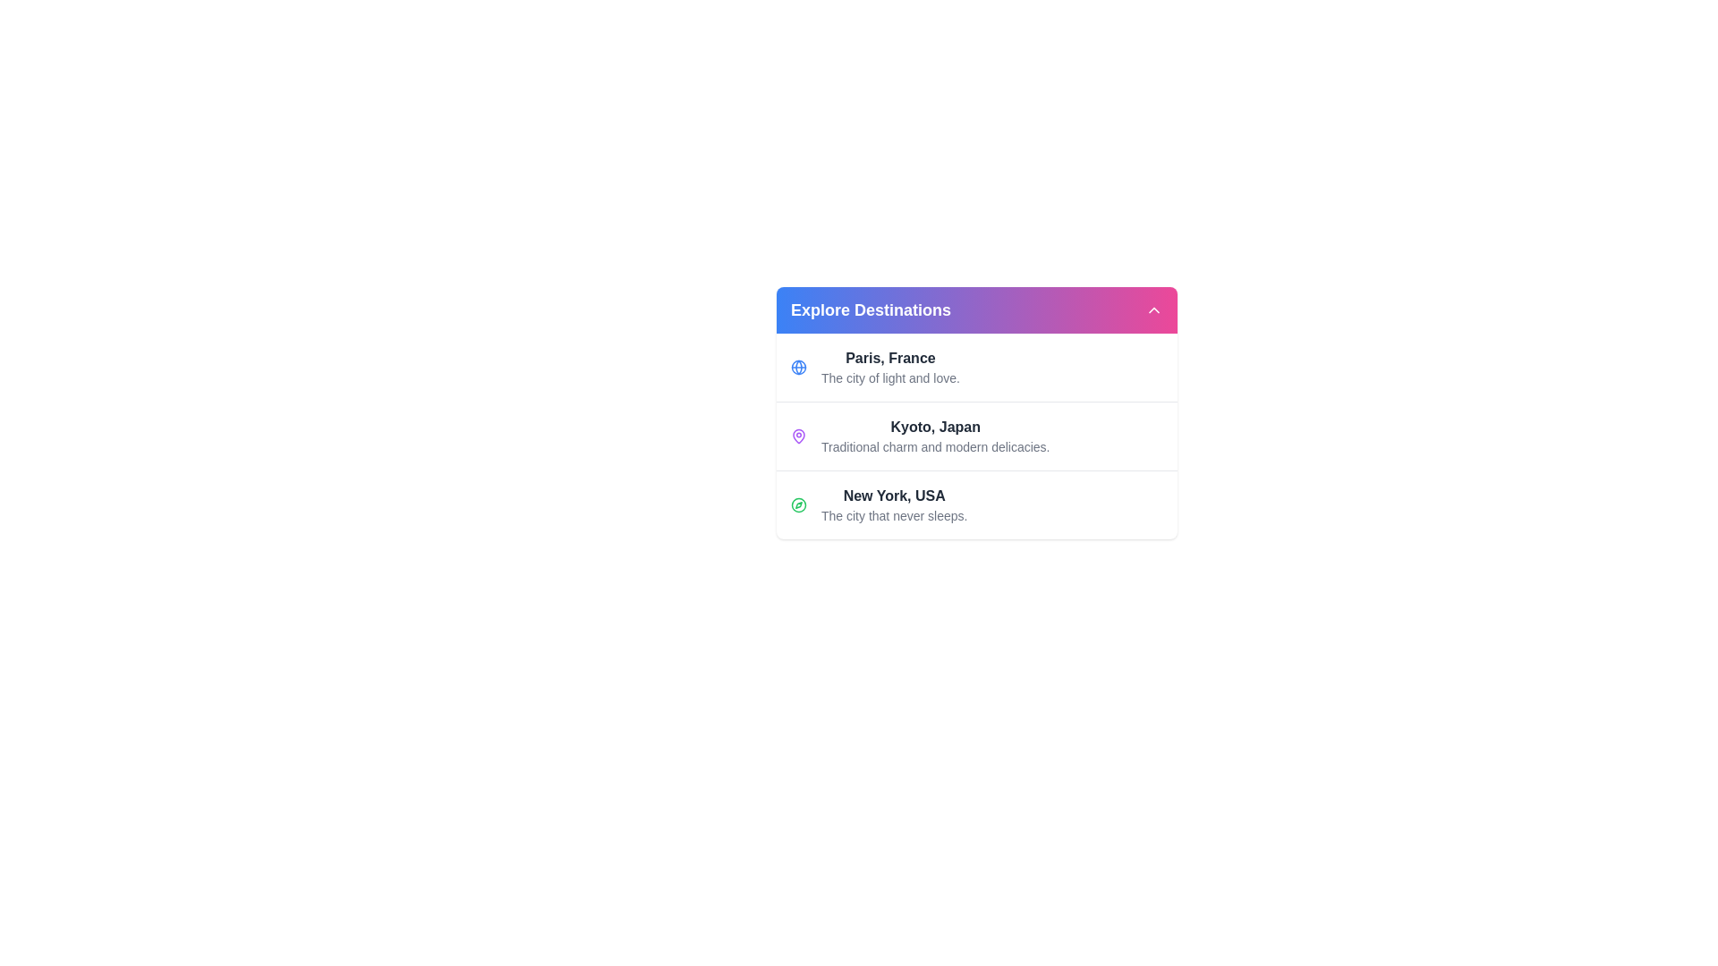 This screenshot has height=966, width=1718. I want to click on muted gray text stating 'The city that never sleeps.' located under the bold title 'New York, USA', so click(894, 516).